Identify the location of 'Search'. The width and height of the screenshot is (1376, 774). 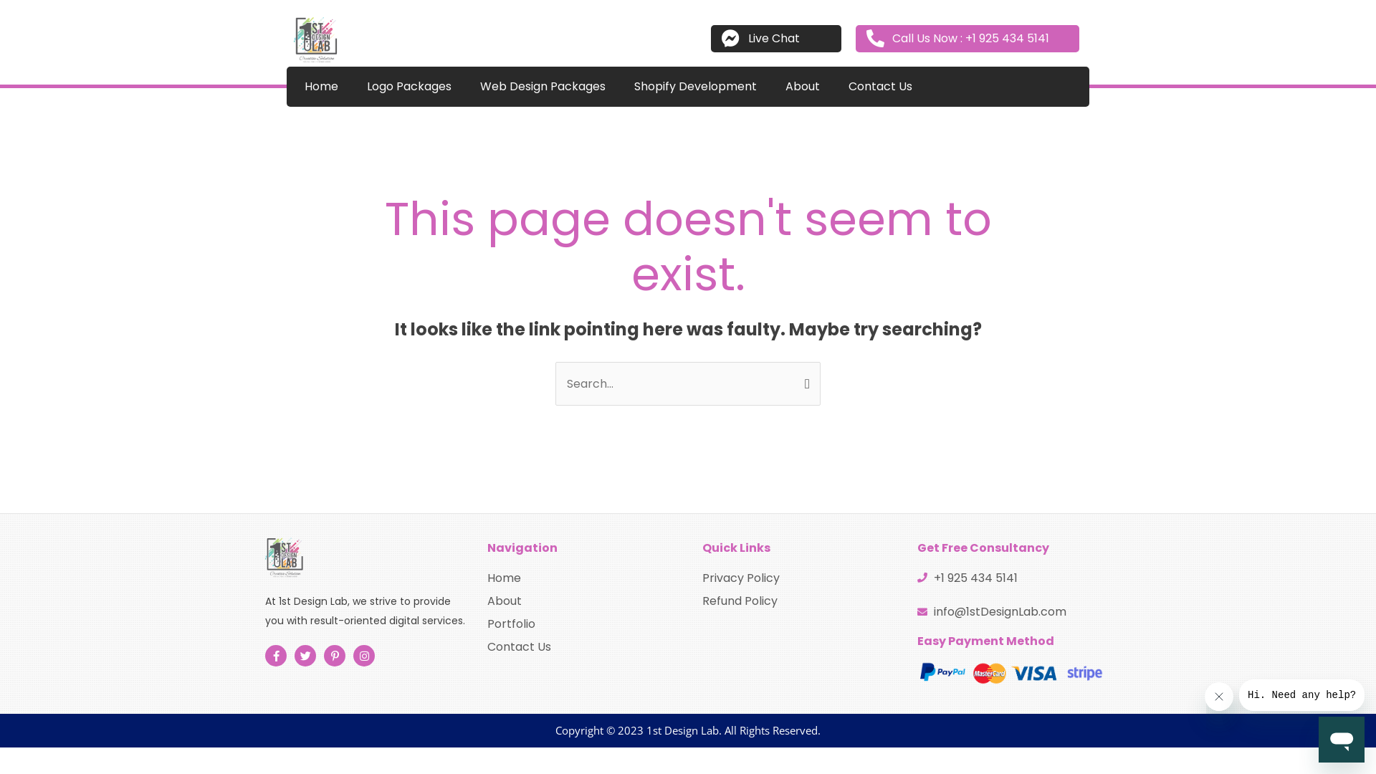
(787, 375).